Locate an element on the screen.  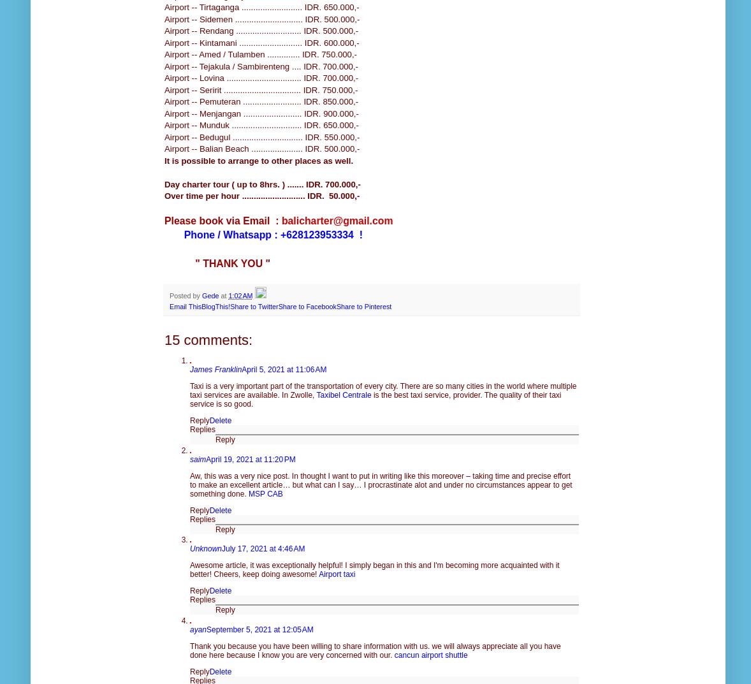
'Gede' is located at coordinates (210, 295).